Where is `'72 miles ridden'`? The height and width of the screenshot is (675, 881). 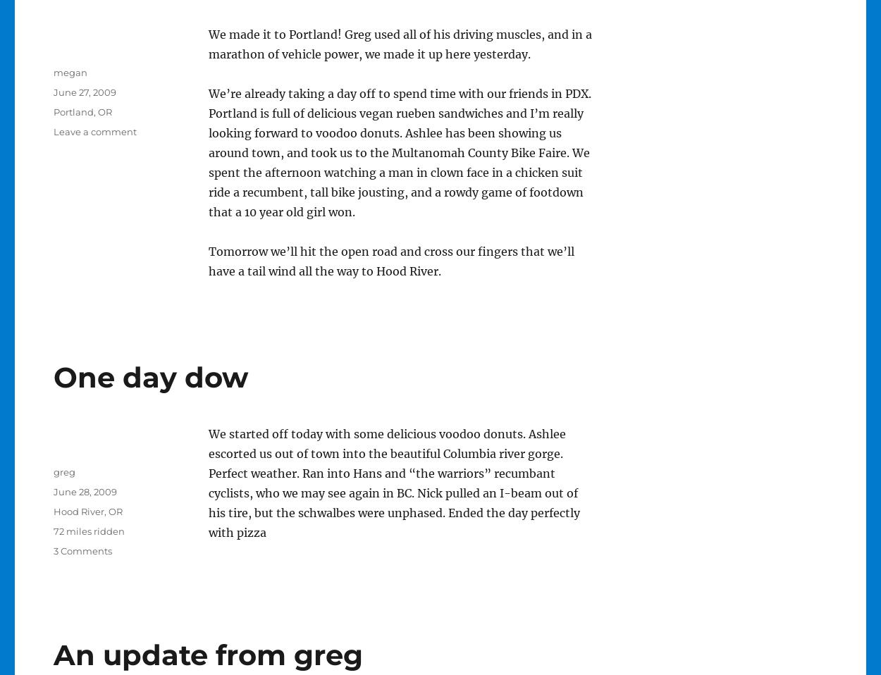 '72 miles ridden' is located at coordinates (88, 531).